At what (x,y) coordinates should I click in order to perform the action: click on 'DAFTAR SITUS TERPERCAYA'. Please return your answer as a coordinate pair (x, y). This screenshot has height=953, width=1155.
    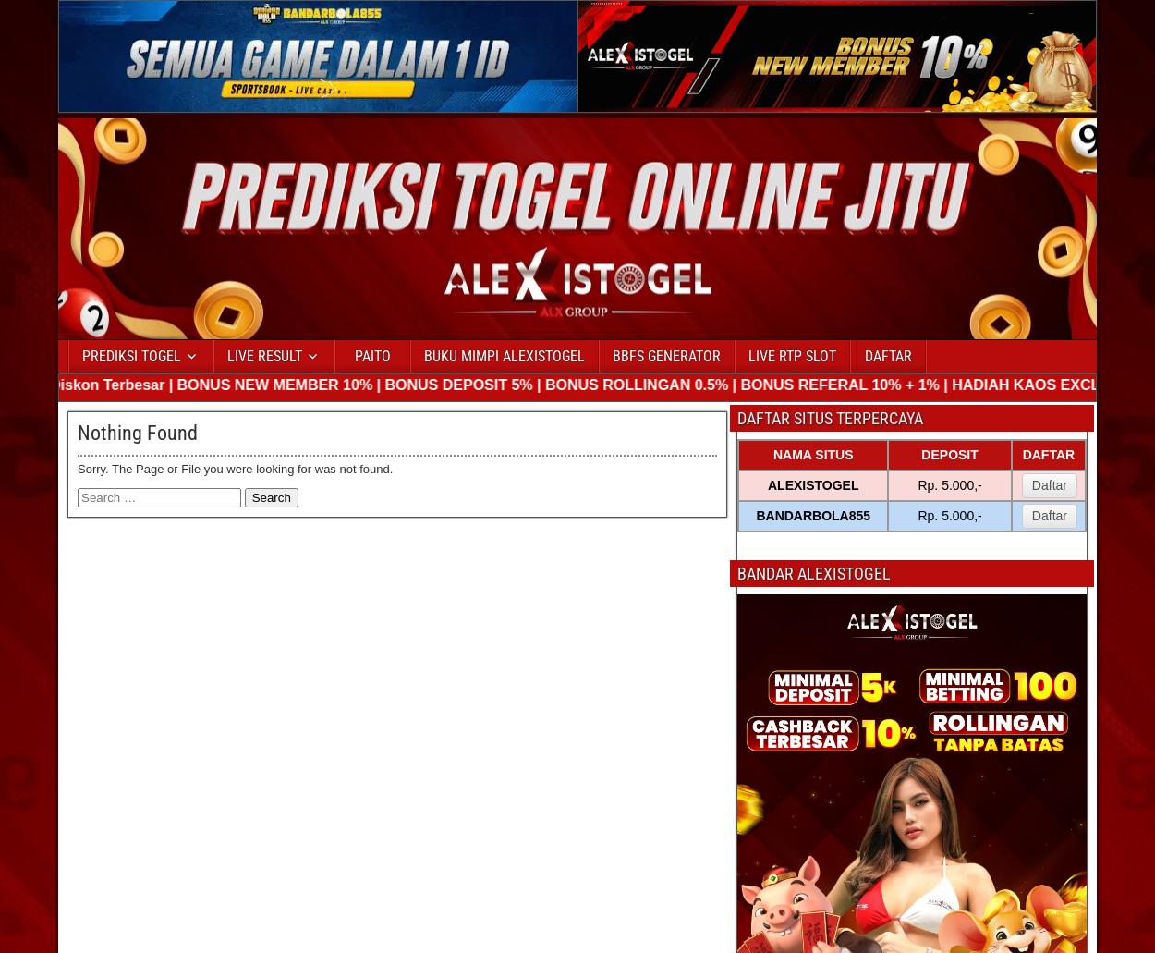
    Looking at the image, I should click on (830, 417).